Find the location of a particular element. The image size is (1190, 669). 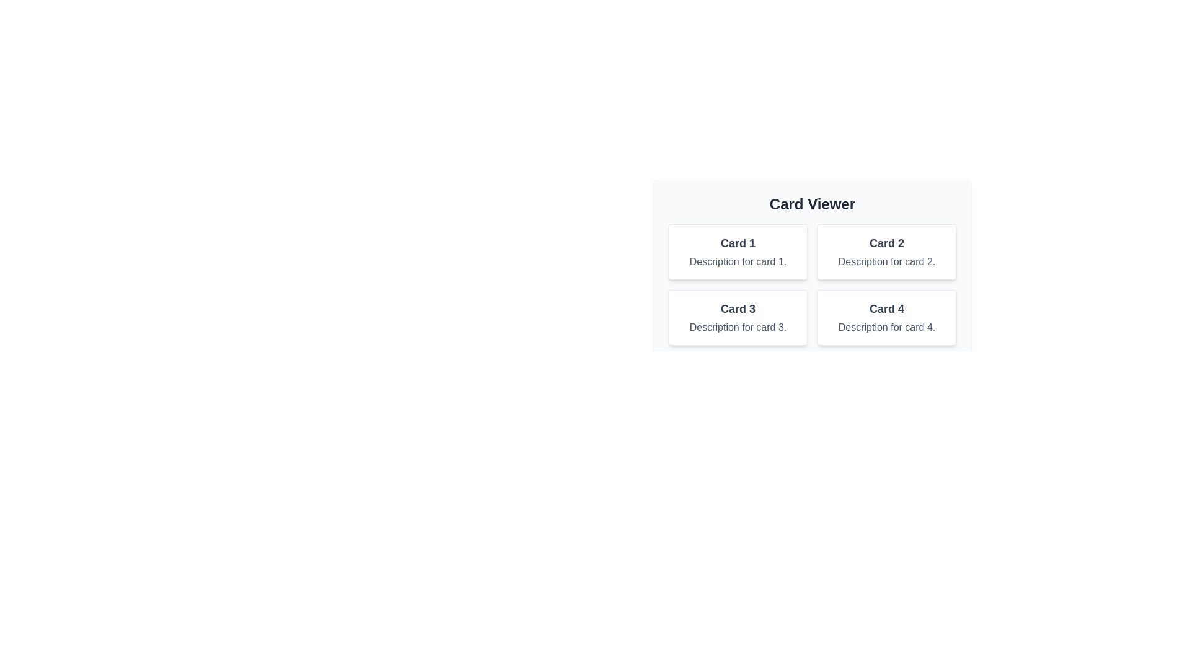

the text label located inside the fourth card in the grid, positioned below 'Card 4' as the second line of content is located at coordinates (886, 326).